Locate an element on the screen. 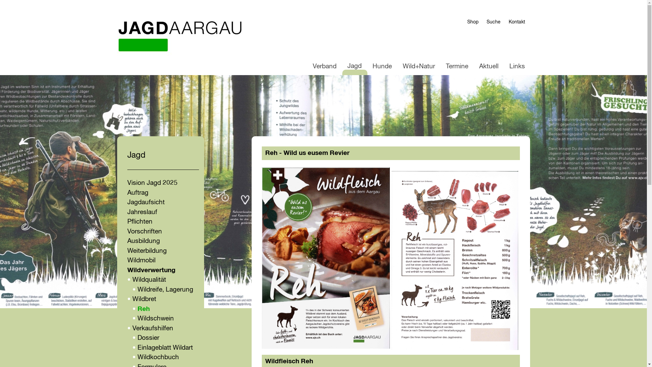  'Verband' is located at coordinates (324, 67).